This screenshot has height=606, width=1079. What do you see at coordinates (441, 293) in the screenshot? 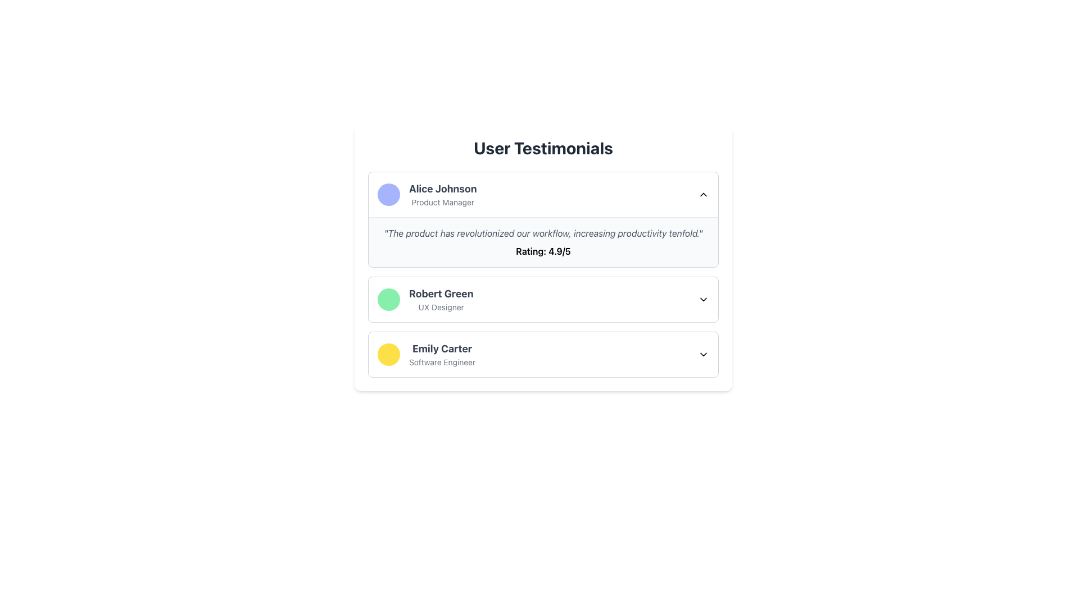
I see `the text label displaying the name 'Robert Green', which is in bold, large-sized font and dark gray color, positioned above the 'UX Designer' text in the 'User Testimonials' section` at bounding box center [441, 293].